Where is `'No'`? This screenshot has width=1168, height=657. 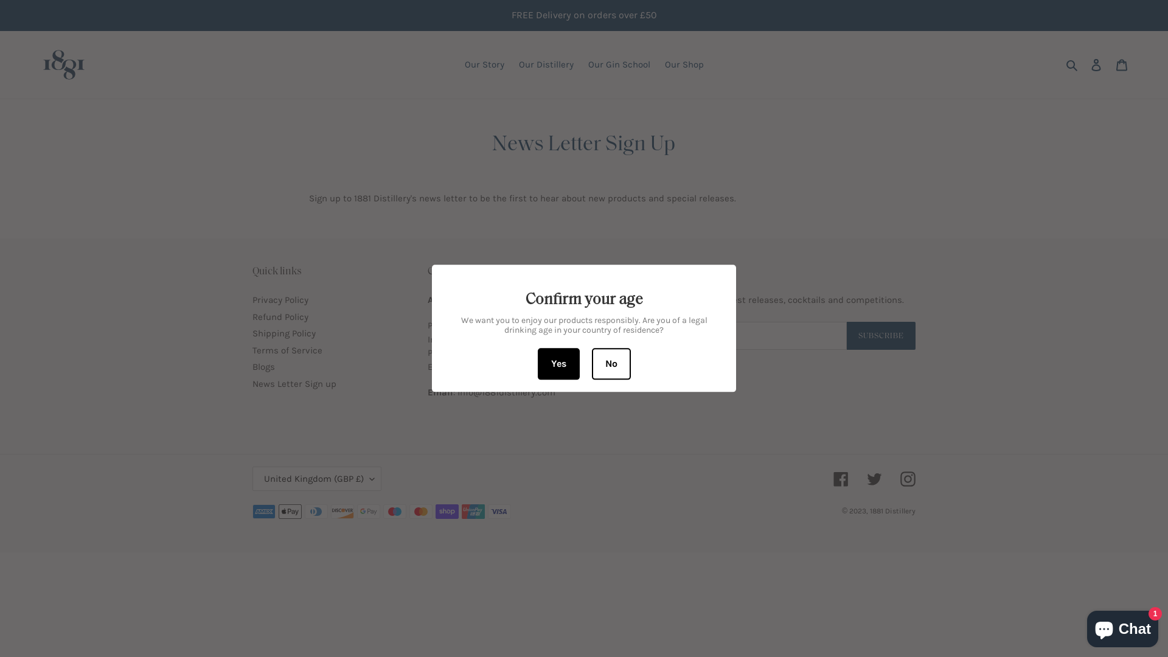
'No' is located at coordinates (610, 363).